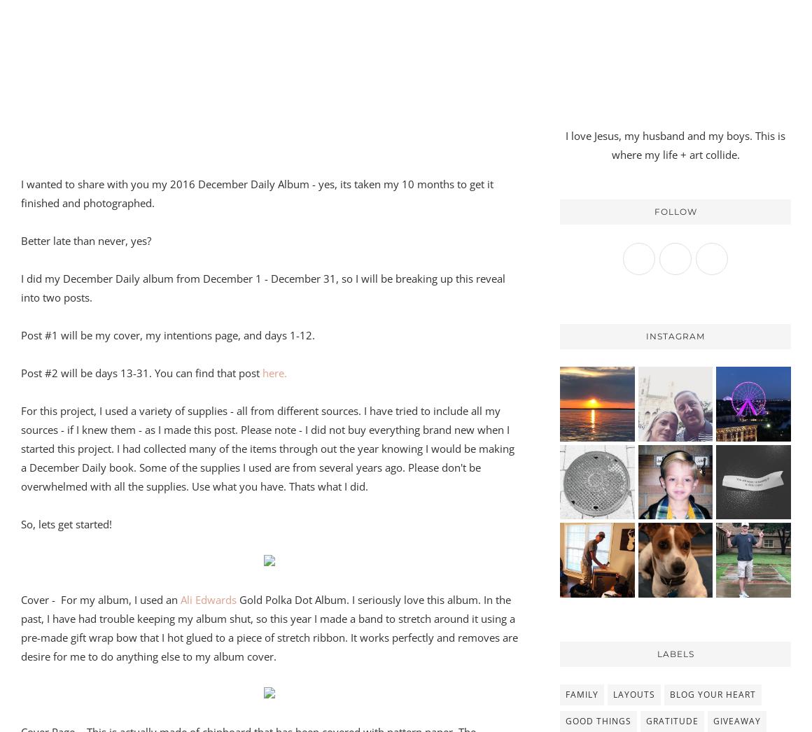 The image size is (812, 732). What do you see at coordinates (582, 693) in the screenshot?
I see `'family'` at bounding box center [582, 693].